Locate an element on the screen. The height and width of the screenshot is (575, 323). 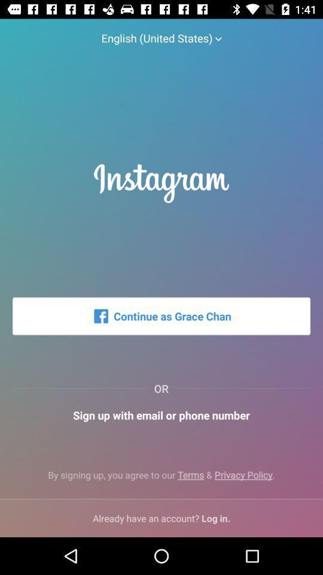
the already have an icon is located at coordinates (161, 517).